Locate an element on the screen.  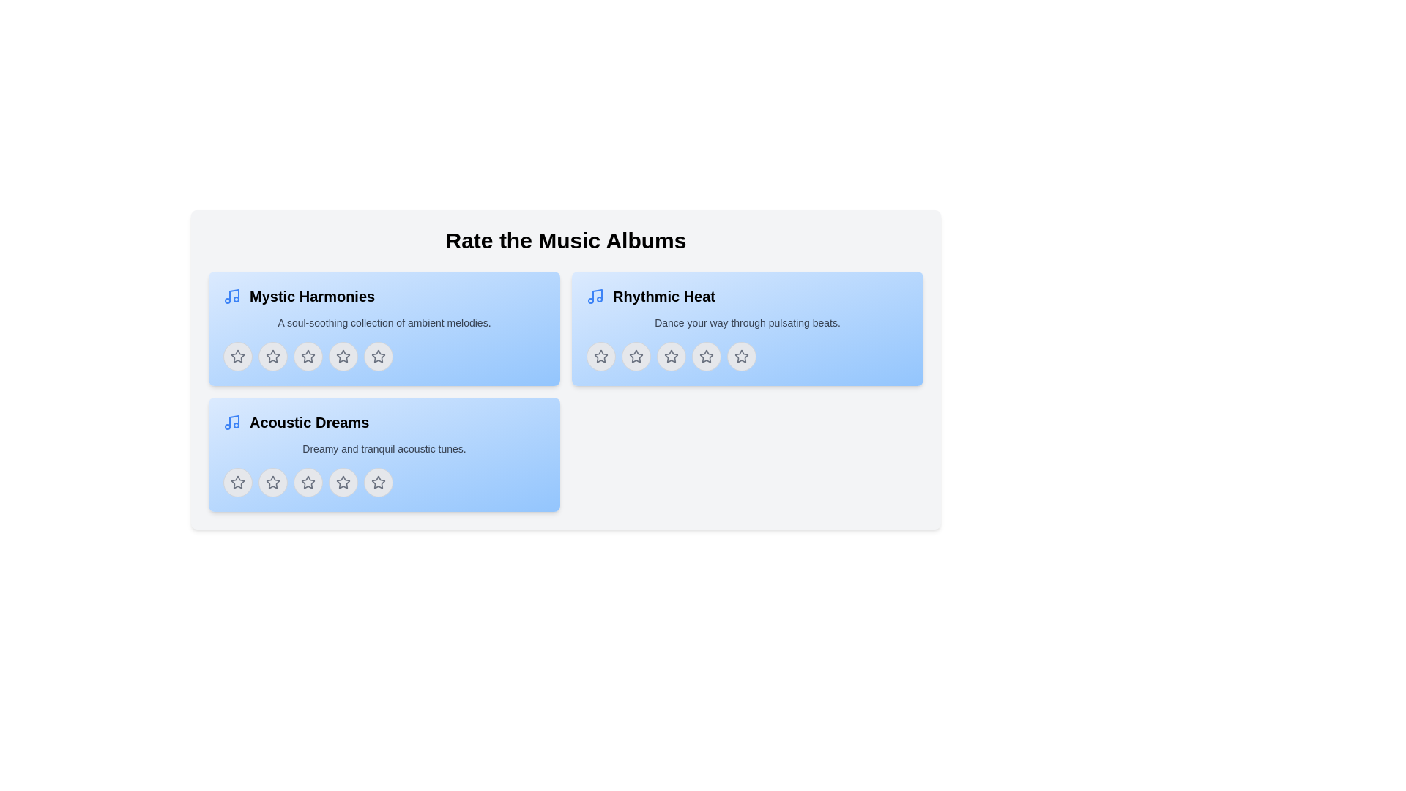
the text 'A soul-soothing collection of ambient melodies.' located within the 'Mystic Harmonies' card is located at coordinates (384, 322).